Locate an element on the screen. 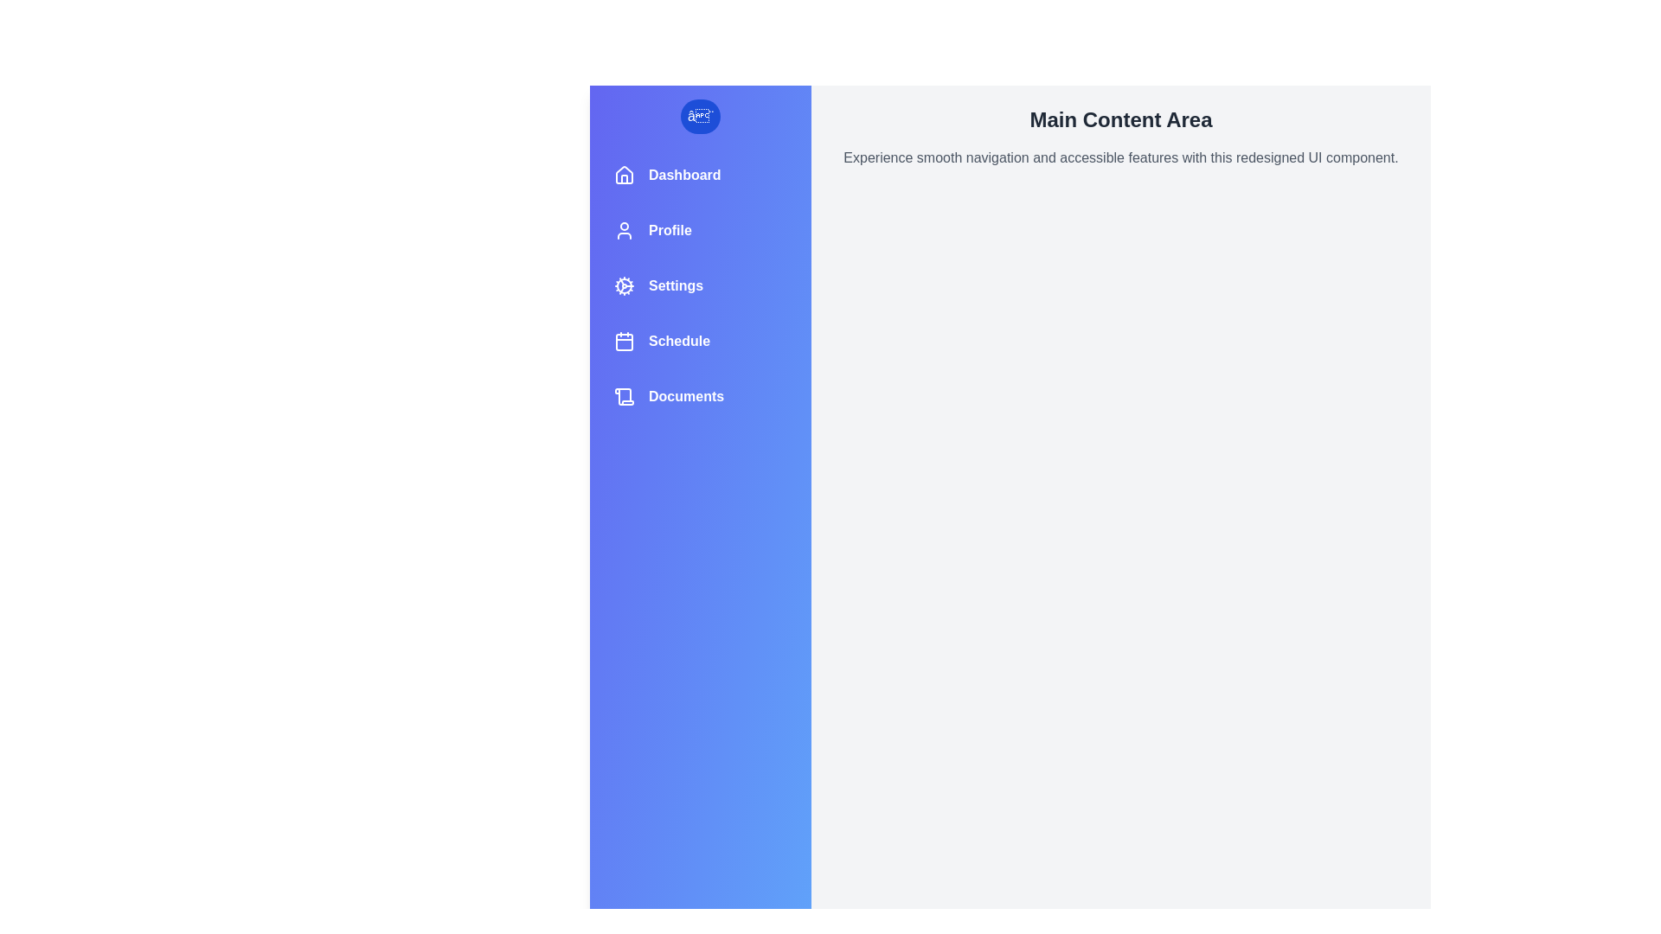 This screenshot has height=934, width=1661. the navigation item labeled 'Settings' to observe the hover effect is located at coordinates (701, 285).